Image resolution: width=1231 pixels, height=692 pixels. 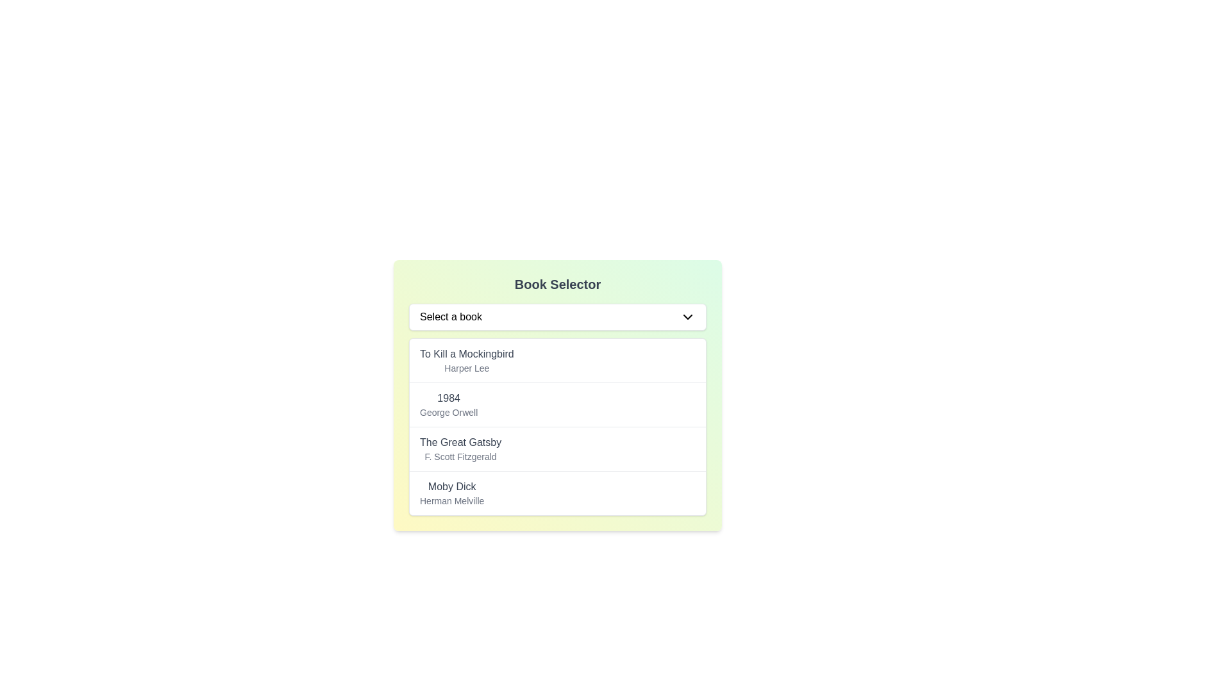 What do you see at coordinates (460, 449) in the screenshot?
I see `the text block displaying 'The Great Gatsby' by F. Scott Fitzgerald` at bounding box center [460, 449].